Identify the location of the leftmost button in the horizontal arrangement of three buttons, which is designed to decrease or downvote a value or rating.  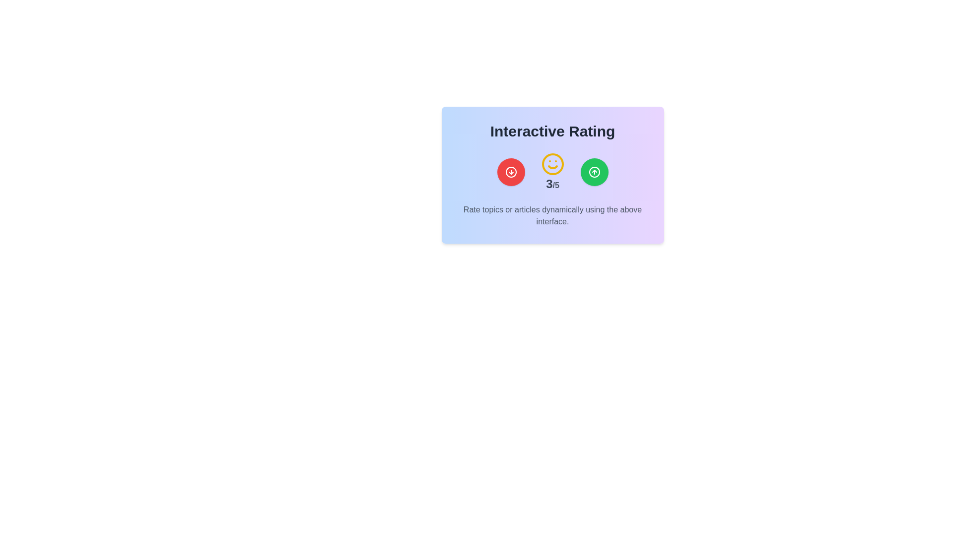
(511, 172).